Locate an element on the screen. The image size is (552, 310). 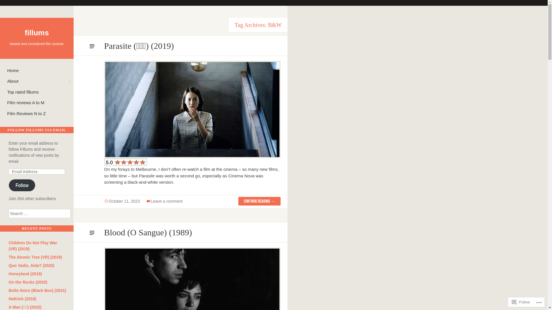
'Children Do Not Play War (VR) (2019)' is located at coordinates (32, 245).